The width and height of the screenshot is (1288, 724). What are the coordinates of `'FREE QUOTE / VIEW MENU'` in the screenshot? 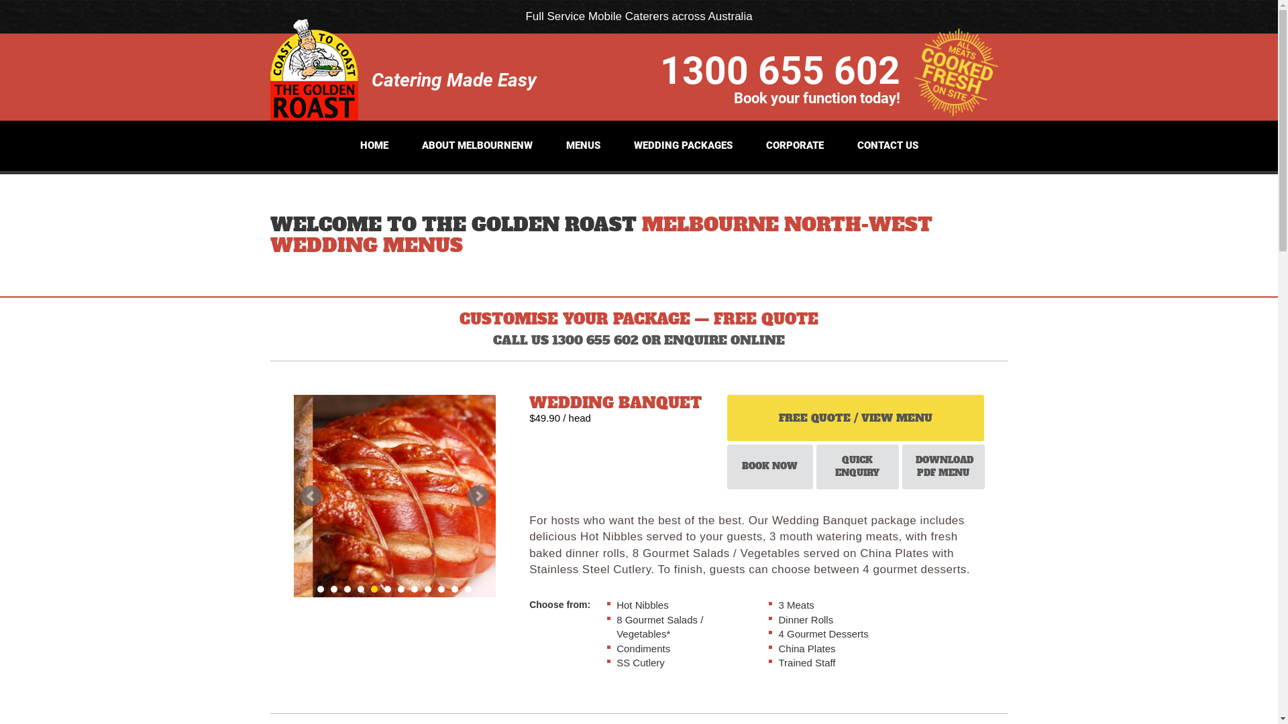 It's located at (855, 417).